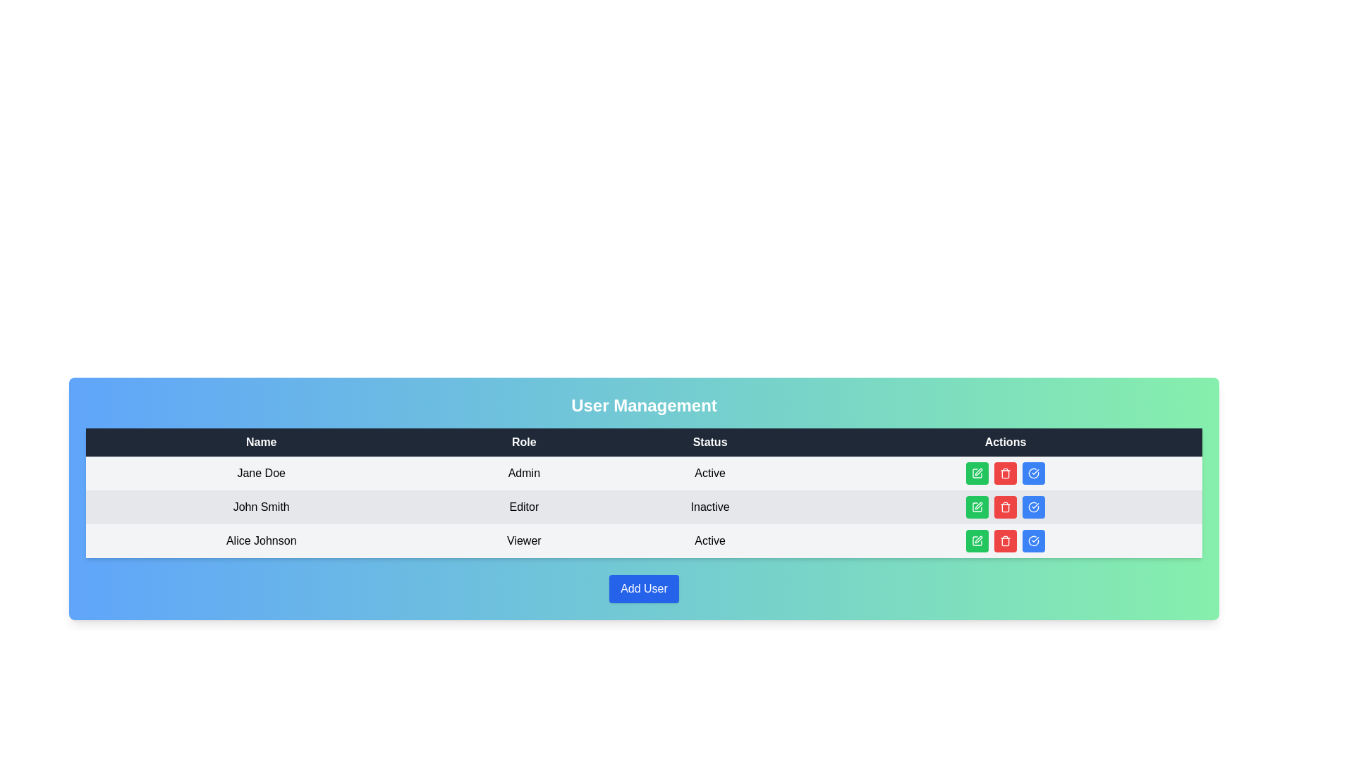  What do you see at coordinates (1004, 540) in the screenshot?
I see `the red button in the Interactive button group` at bounding box center [1004, 540].